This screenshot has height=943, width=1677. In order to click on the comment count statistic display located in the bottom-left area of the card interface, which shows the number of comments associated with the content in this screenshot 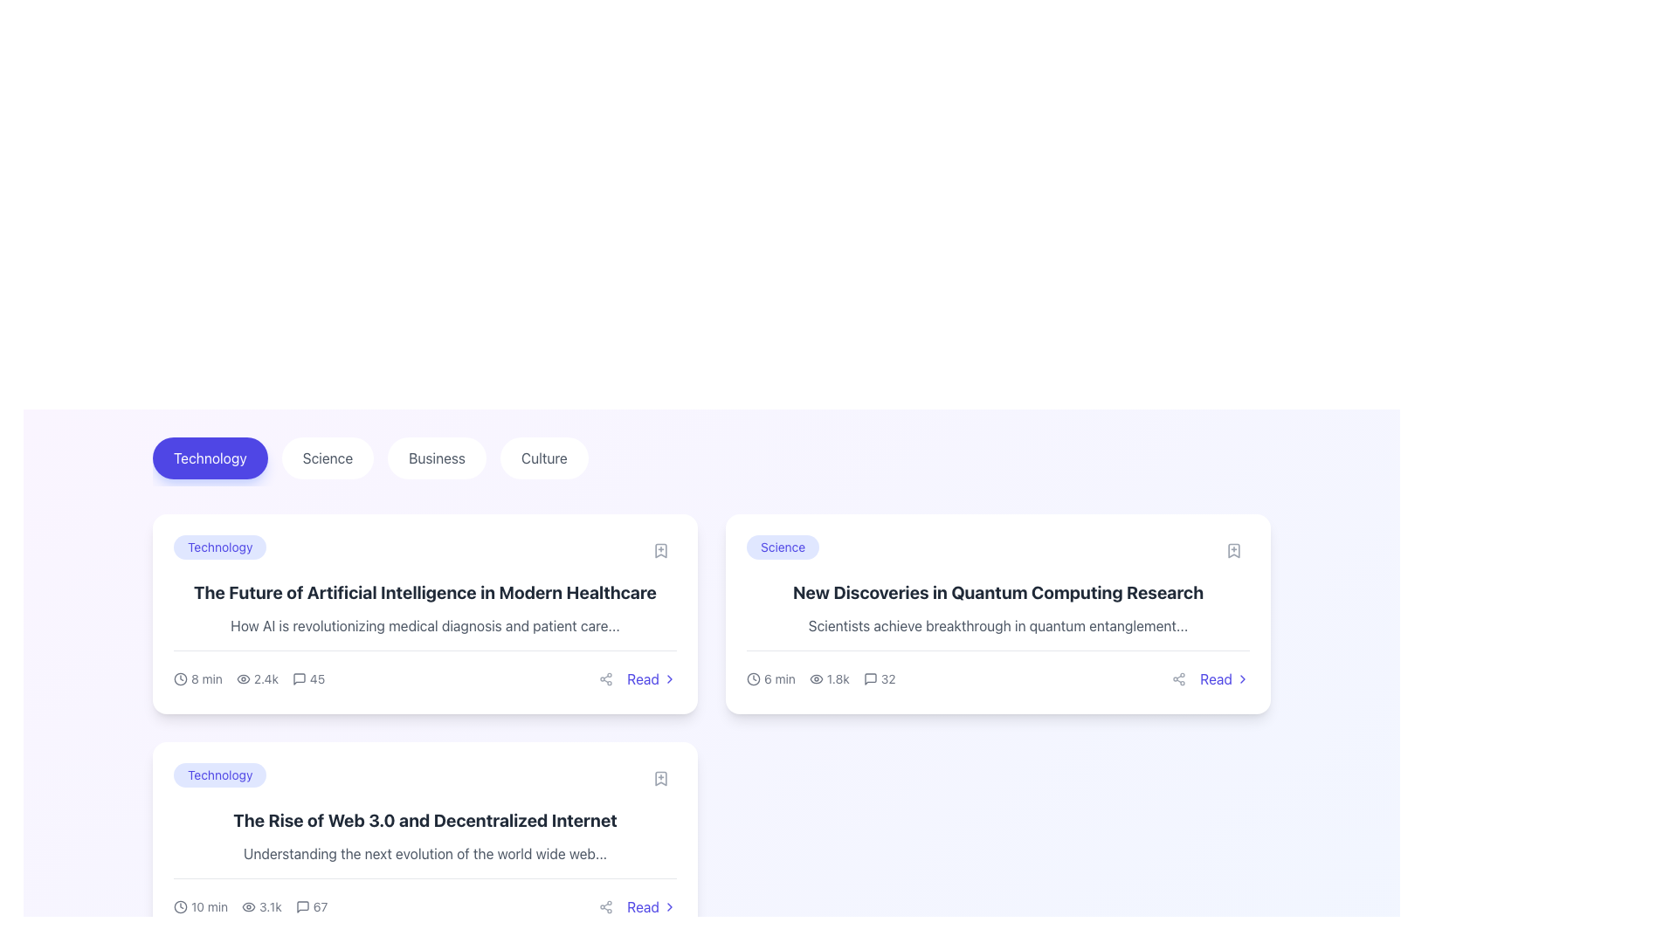, I will do `click(308, 678)`.